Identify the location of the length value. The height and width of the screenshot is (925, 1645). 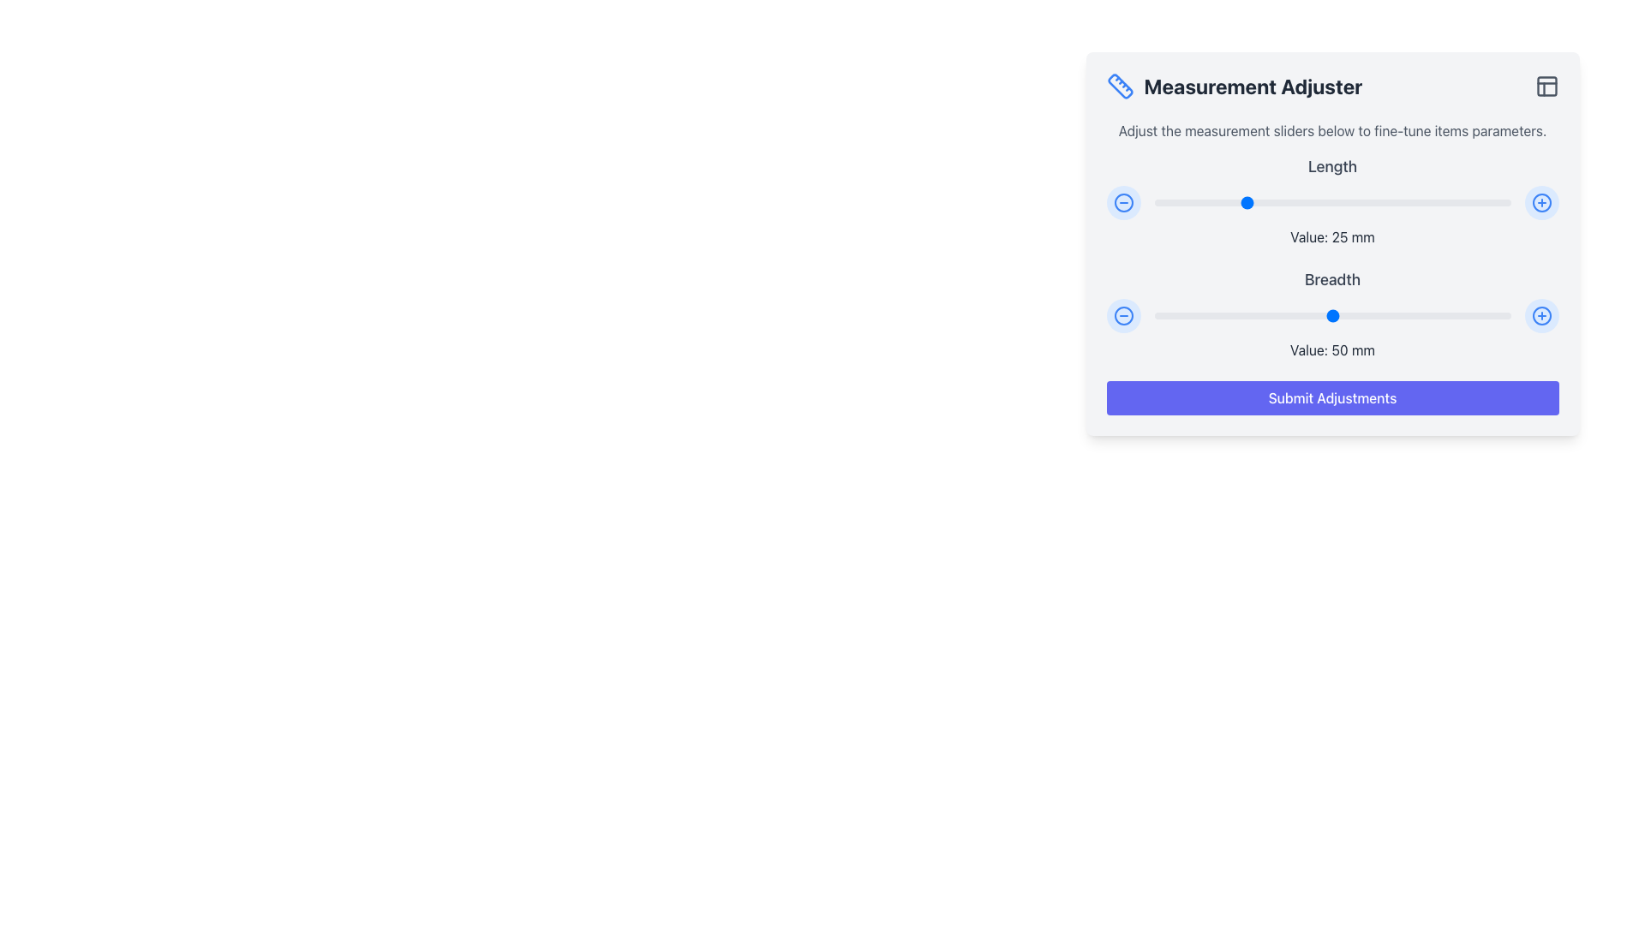
(1353, 201).